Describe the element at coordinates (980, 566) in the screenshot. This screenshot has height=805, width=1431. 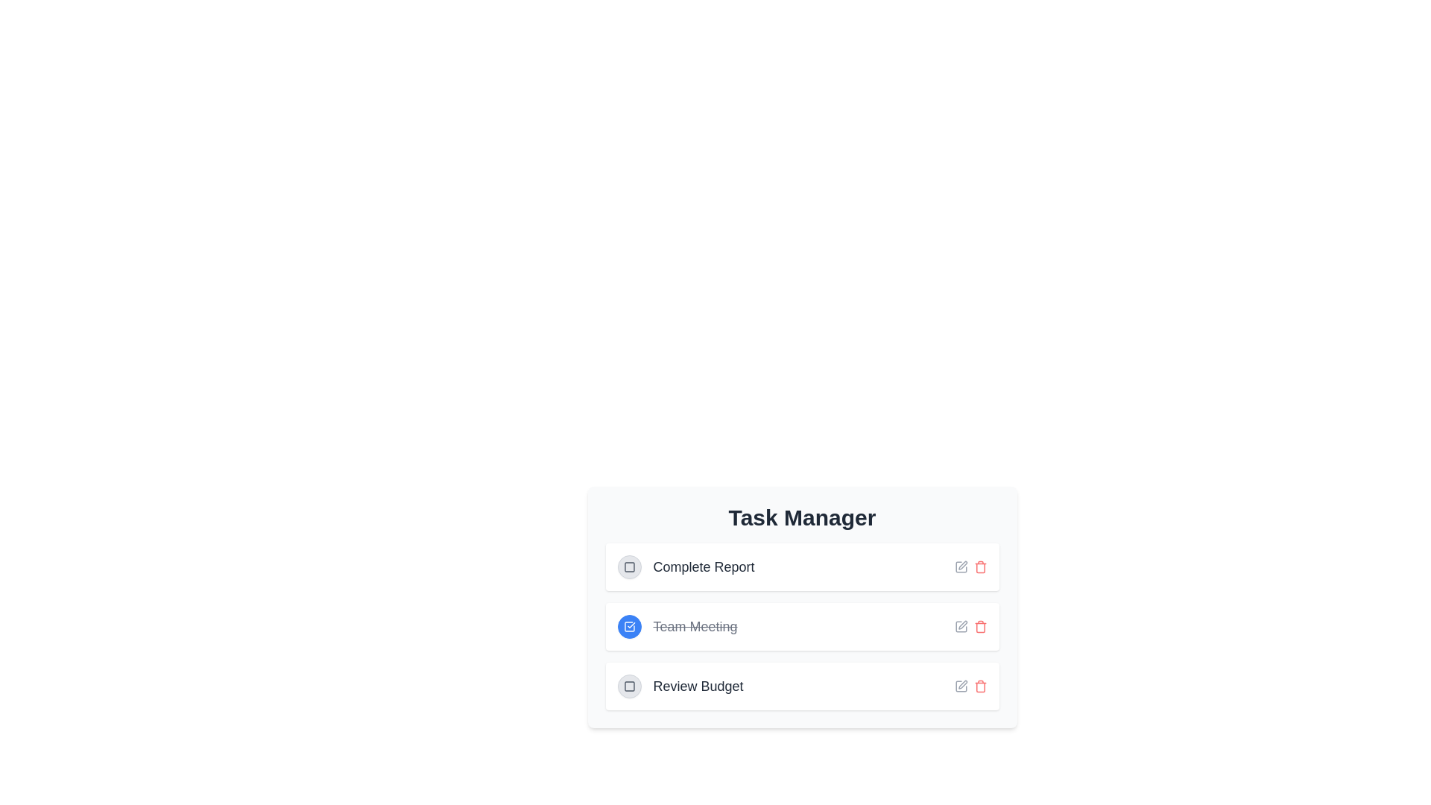
I see `the delete button for the task 'Complete Report'` at that location.